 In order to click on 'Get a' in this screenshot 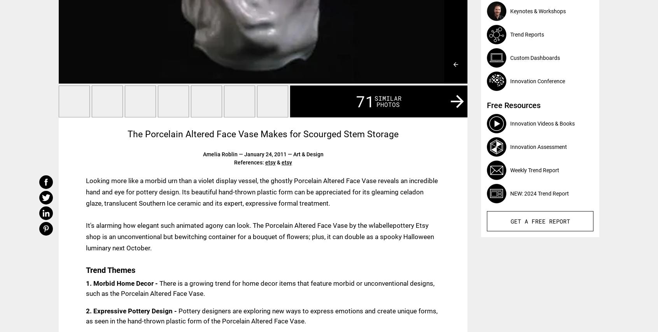, I will do `click(520, 220)`.